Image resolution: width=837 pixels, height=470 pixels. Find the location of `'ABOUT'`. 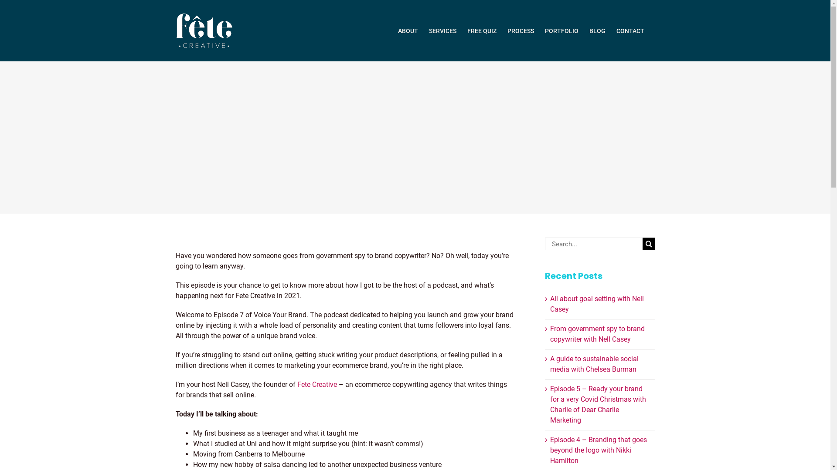

'ABOUT' is located at coordinates (407, 30).